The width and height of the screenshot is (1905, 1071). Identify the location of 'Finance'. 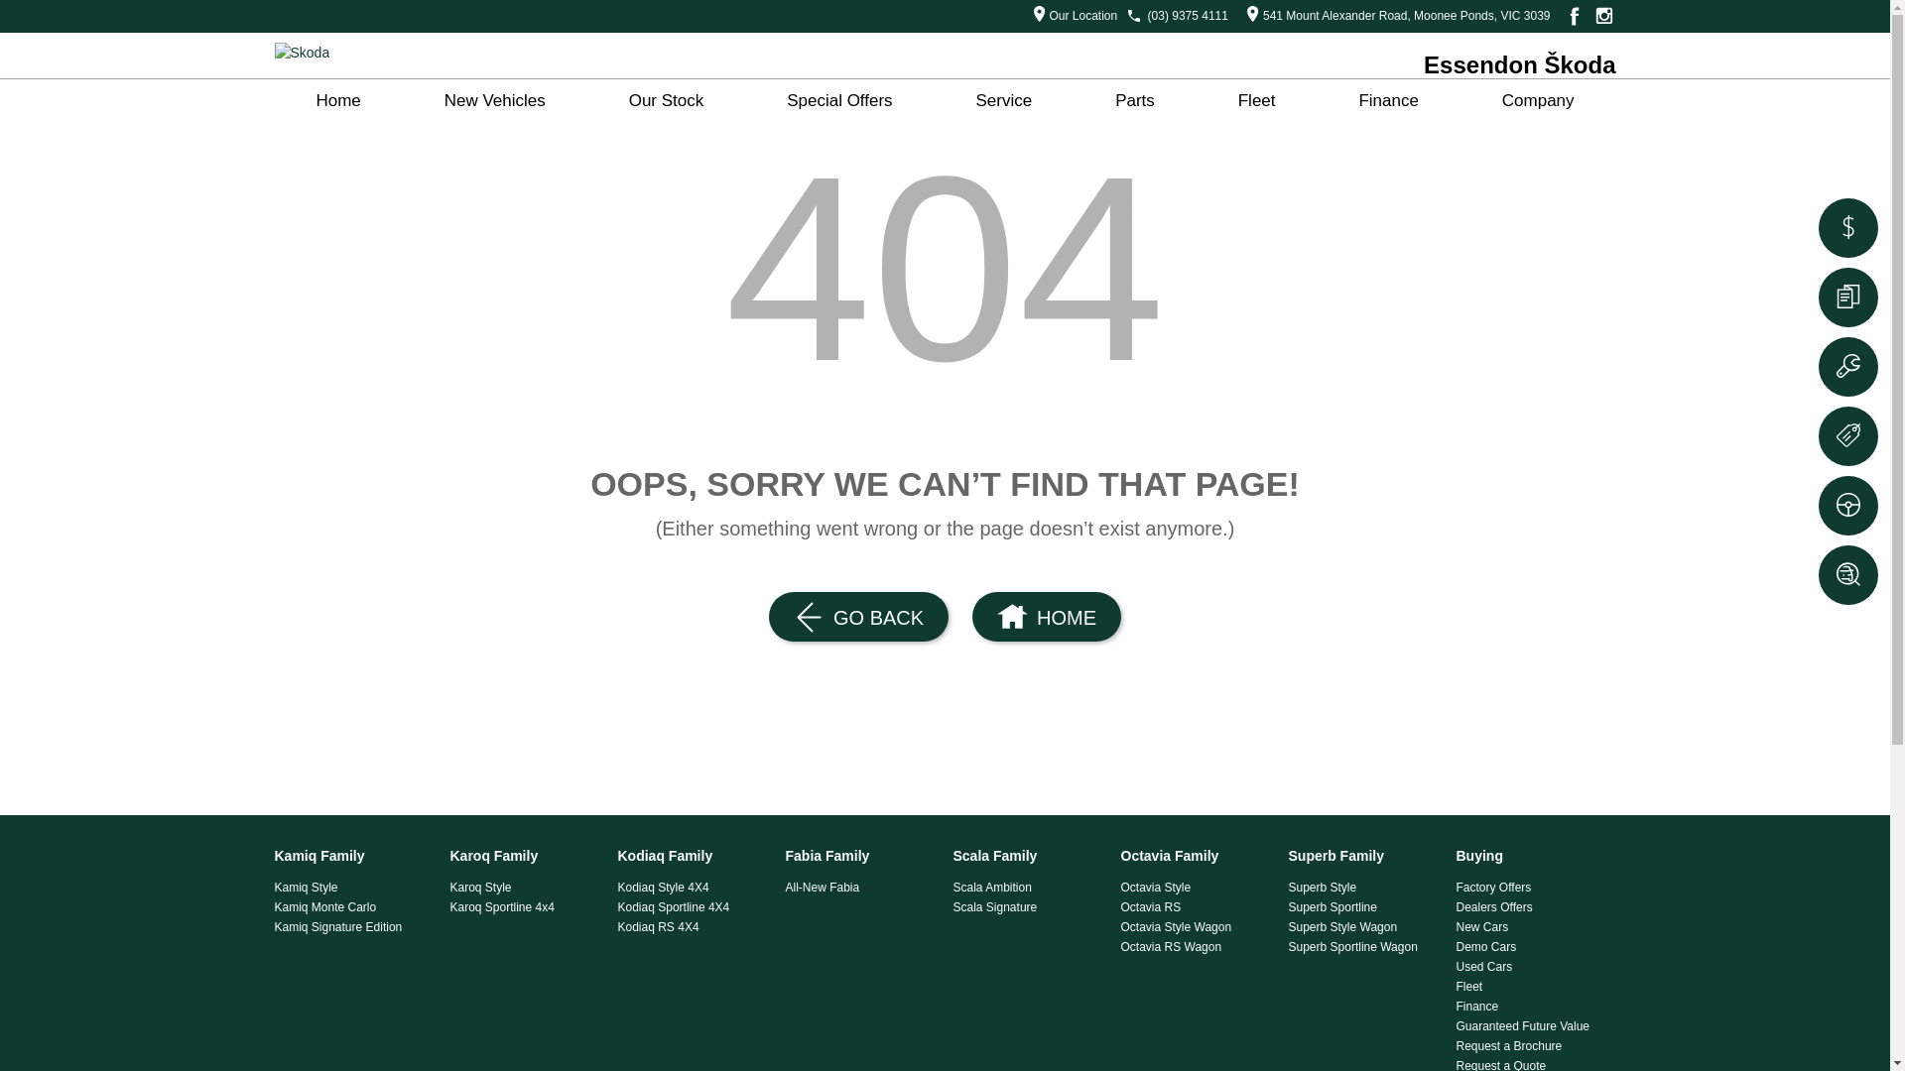
(1386, 100).